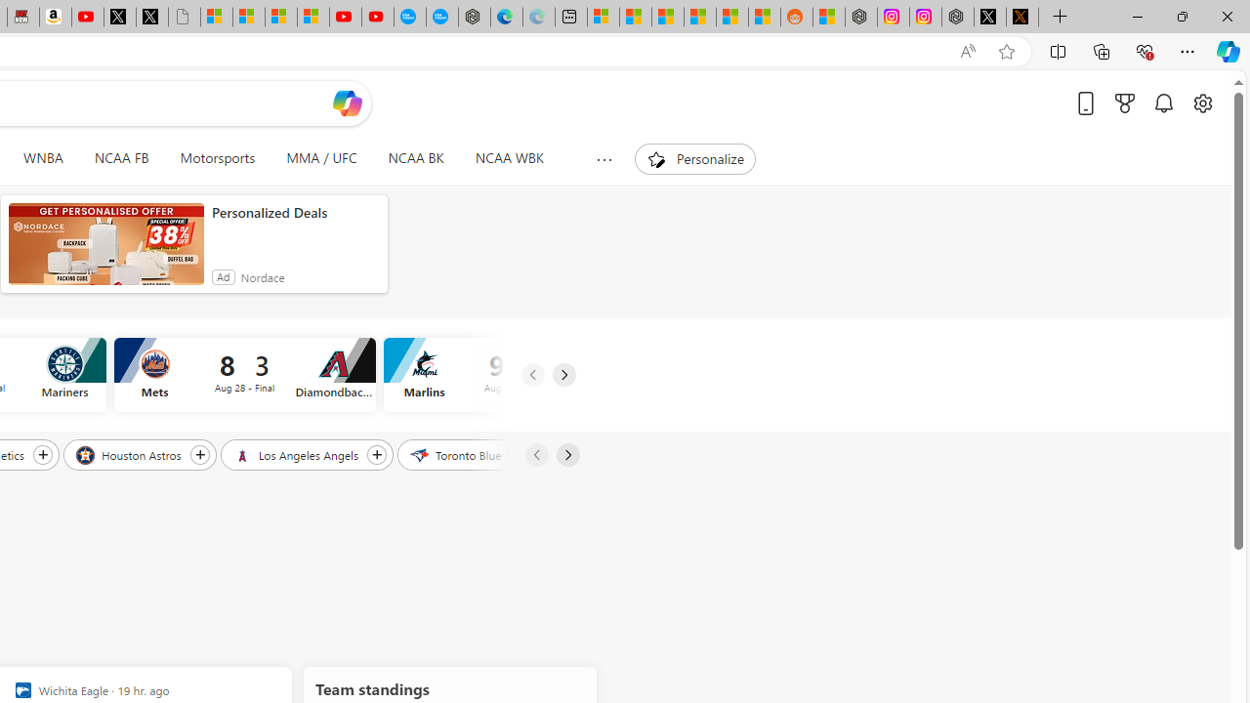 This screenshot has height=703, width=1250. What do you see at coordinates (415, 158) in the screenshot?
I see `'NCAA BK'` at bounding box center [415, 158].